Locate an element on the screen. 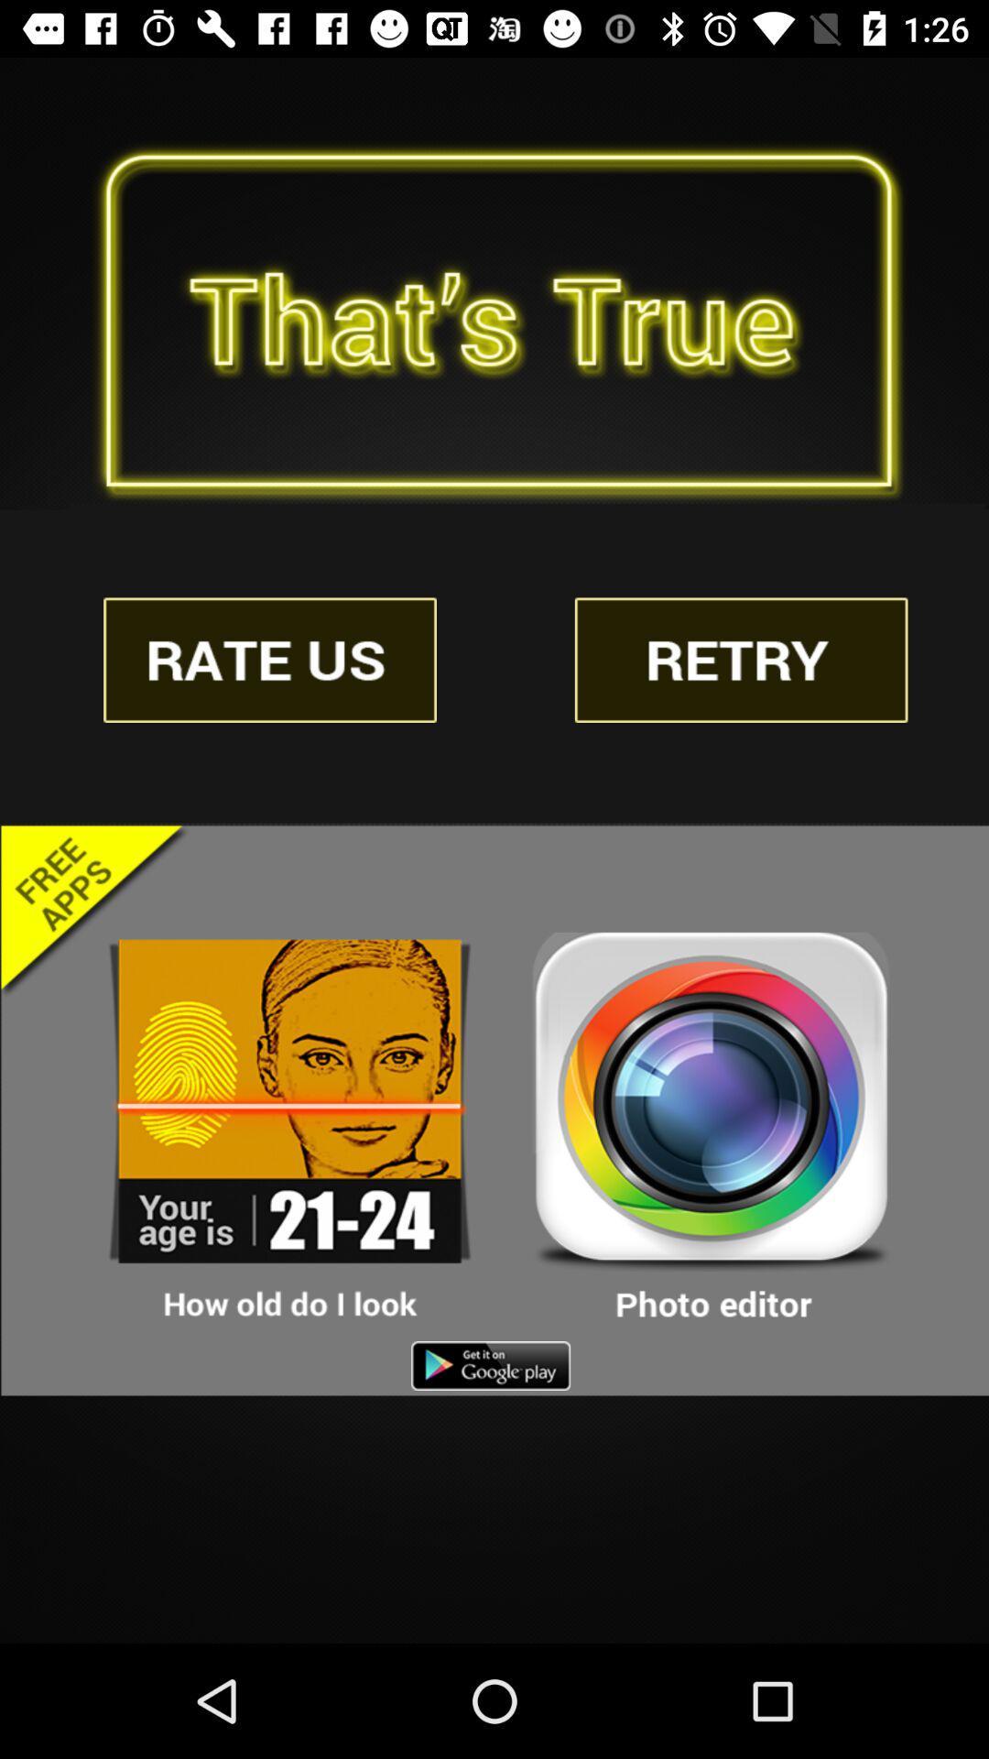 Image resolution: width=989 pixels, height=1759 pixels. the advertisement is located at coordinates (270, 660).